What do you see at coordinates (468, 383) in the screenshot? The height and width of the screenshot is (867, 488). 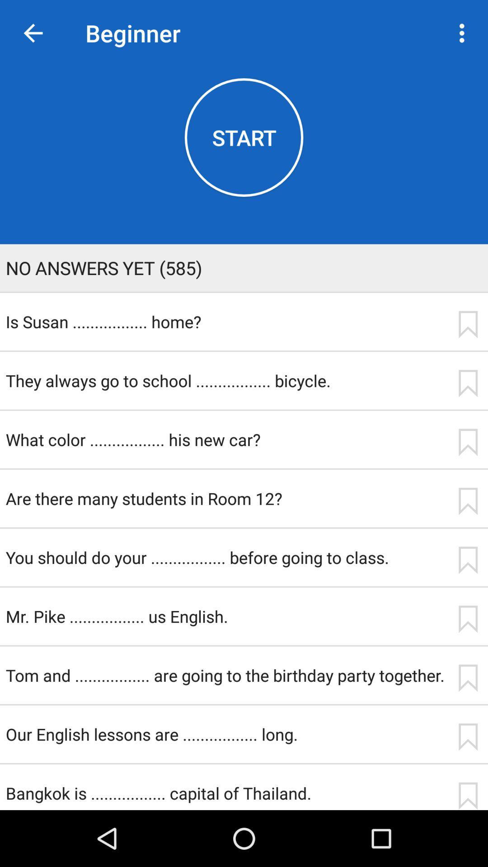 I see `app next to the they always go icon` at bounding box center [468, 383].